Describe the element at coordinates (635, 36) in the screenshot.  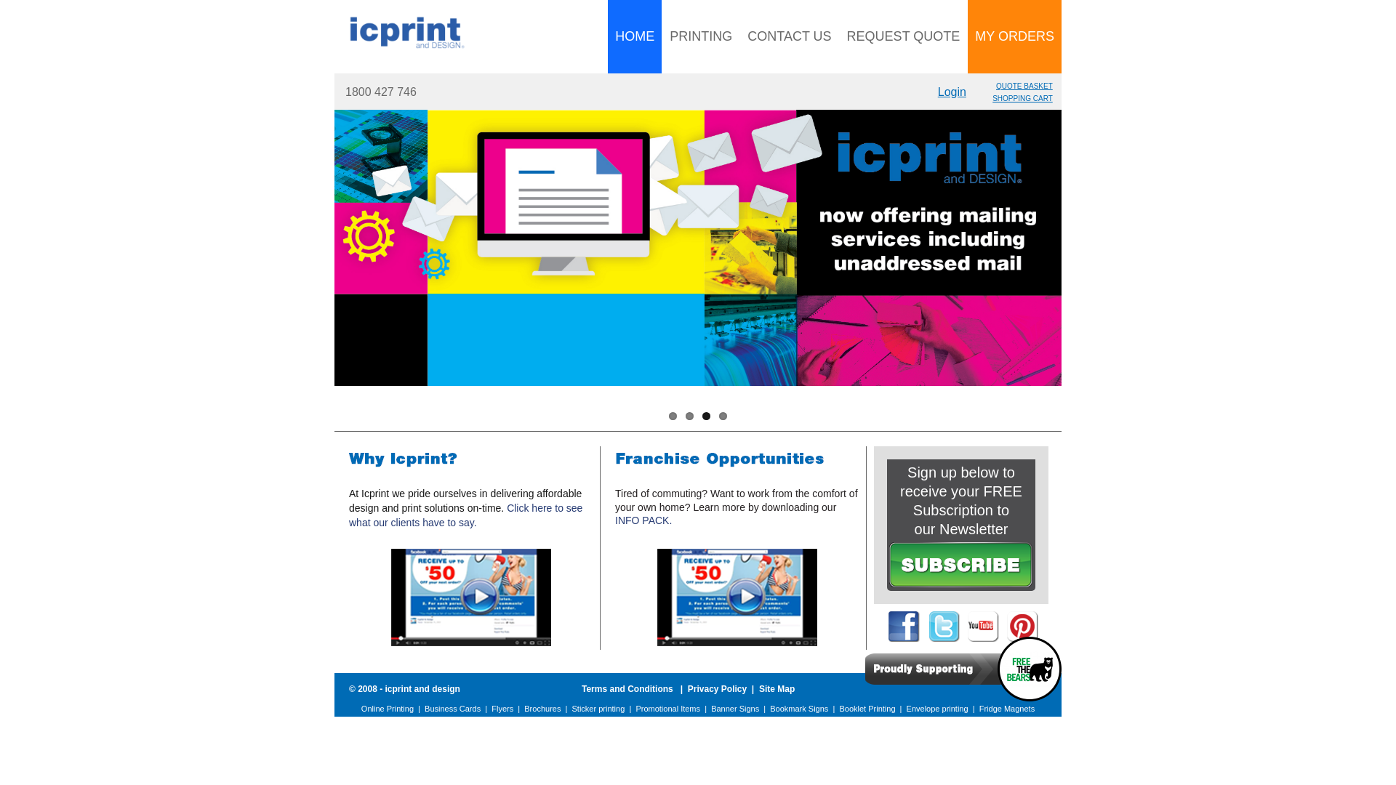
I see `'HOME'` at that location.